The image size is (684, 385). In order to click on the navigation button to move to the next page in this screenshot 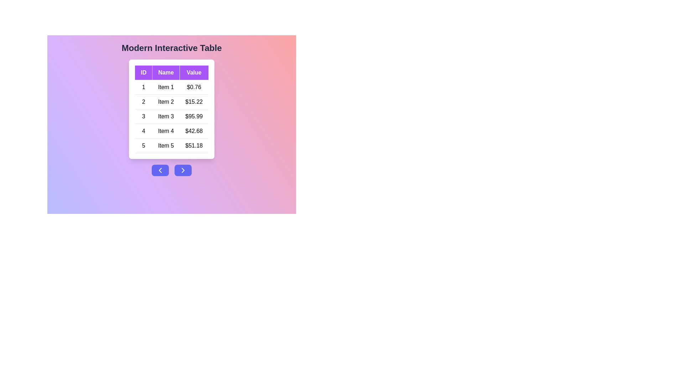, I will do `click(183, 170)`.